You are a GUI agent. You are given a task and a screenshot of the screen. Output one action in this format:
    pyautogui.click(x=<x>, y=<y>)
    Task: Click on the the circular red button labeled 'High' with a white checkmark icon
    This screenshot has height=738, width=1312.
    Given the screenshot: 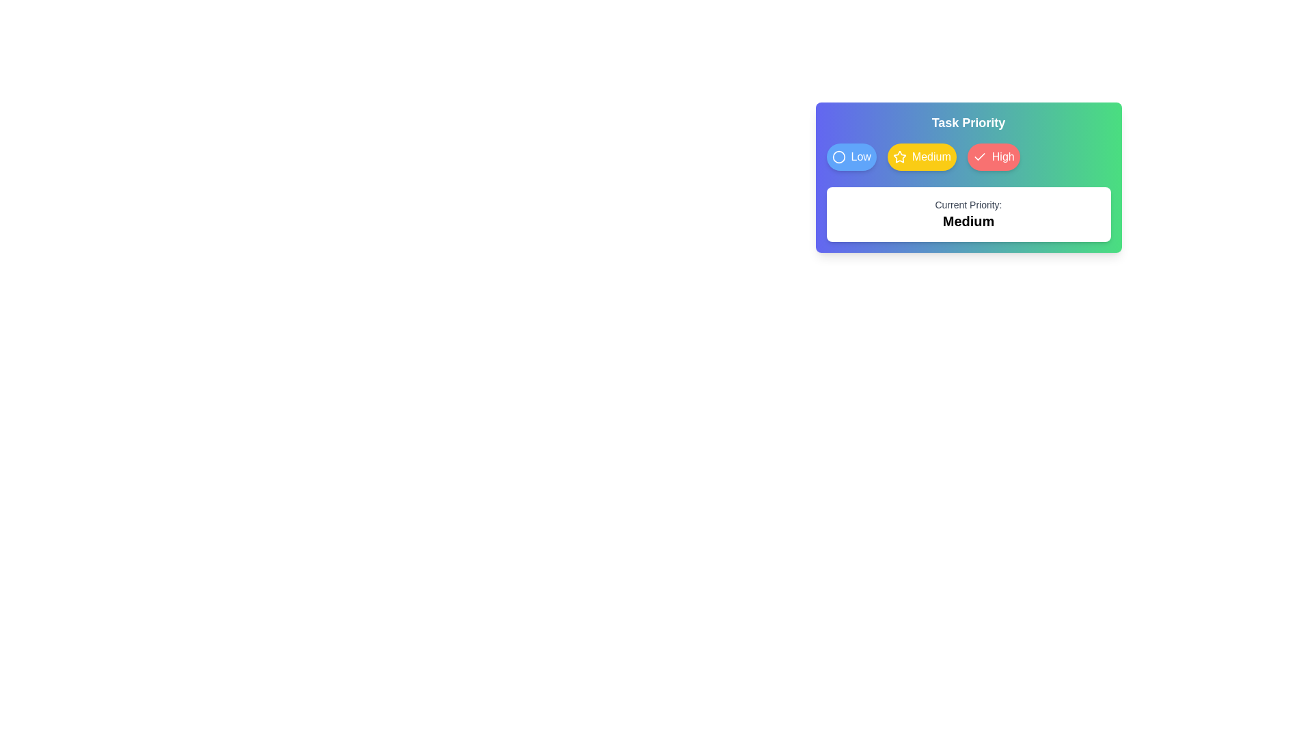 What is the action you would take?
    pyautogui.click(x=994, y=156)
    